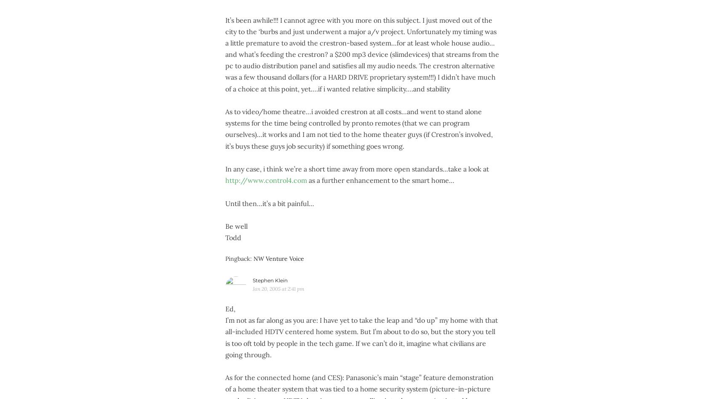 The height and width of the screenshot is (399, 724). Describe the element at coordinates (358, 128) in the screenshot. I see `'As to video/home theatre…i avoided crestron at all costs…and went to stand alone systems for the time being controlled by pronto remotes (that we can program ourselves)…it works and I am not tied to the home theater guys (if Crestron’s involved, it’s buys these guys job security) if something goes wrong.'` at that location.